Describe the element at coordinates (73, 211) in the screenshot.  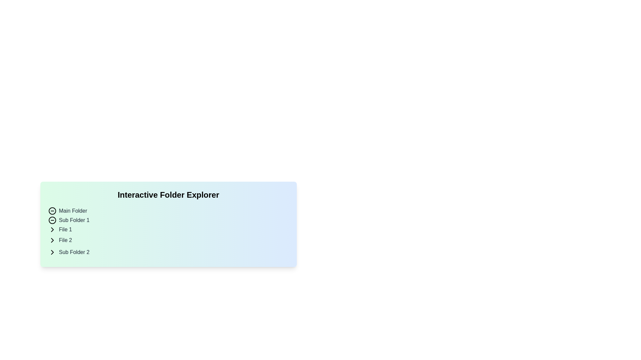
I see `the 'Main Folder' text label, which is the first entry in the interactive folder list on the green-blue gradient background` at that location.